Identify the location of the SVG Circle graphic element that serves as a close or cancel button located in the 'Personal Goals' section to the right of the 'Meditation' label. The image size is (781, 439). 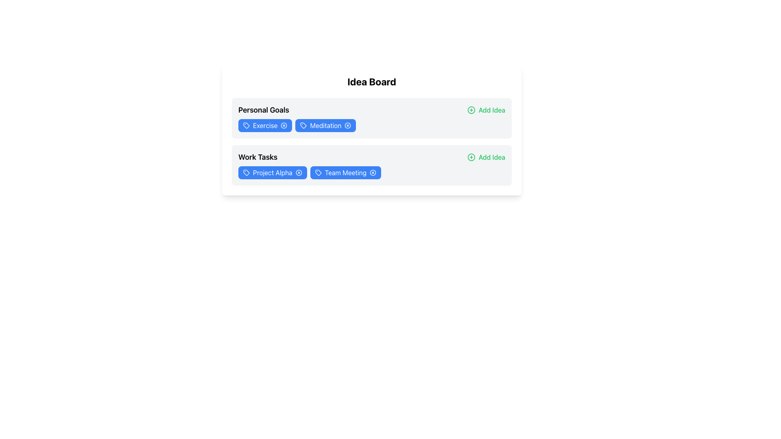
(348, 125).